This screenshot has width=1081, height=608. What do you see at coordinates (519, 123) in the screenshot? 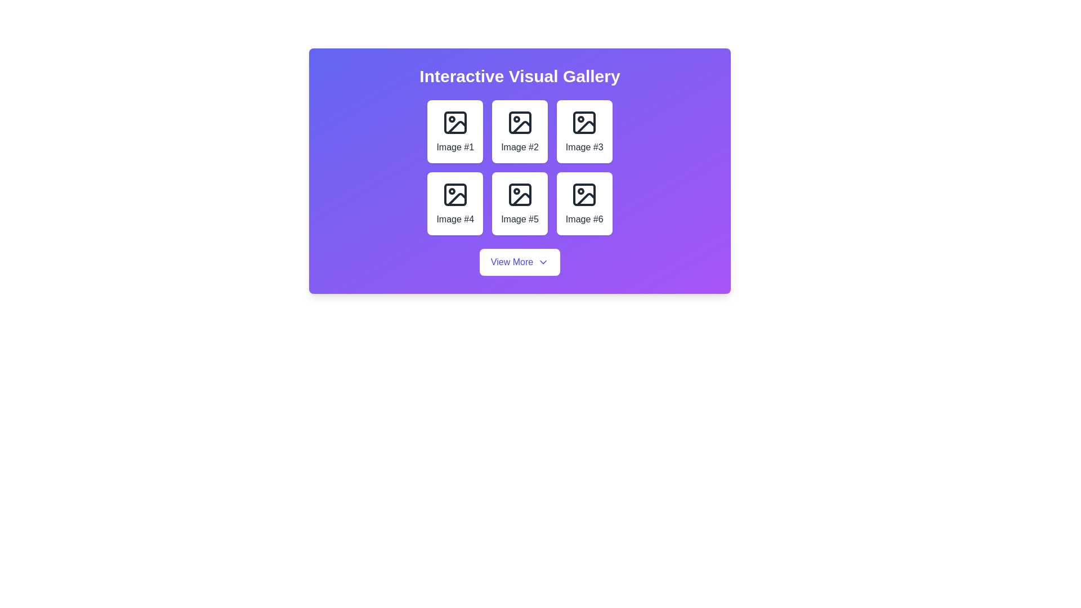
I see `the image thumbnail icon representing 'Image #2', which is located in the second position of the first row within a 3-by-2 grid of image cards` at bounding box center [519, 123].